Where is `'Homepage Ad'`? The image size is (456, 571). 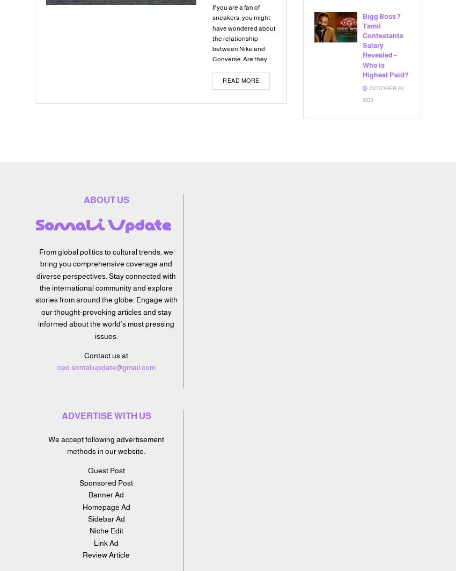
'Homepage Ad' is located at coordinates (105, 505).